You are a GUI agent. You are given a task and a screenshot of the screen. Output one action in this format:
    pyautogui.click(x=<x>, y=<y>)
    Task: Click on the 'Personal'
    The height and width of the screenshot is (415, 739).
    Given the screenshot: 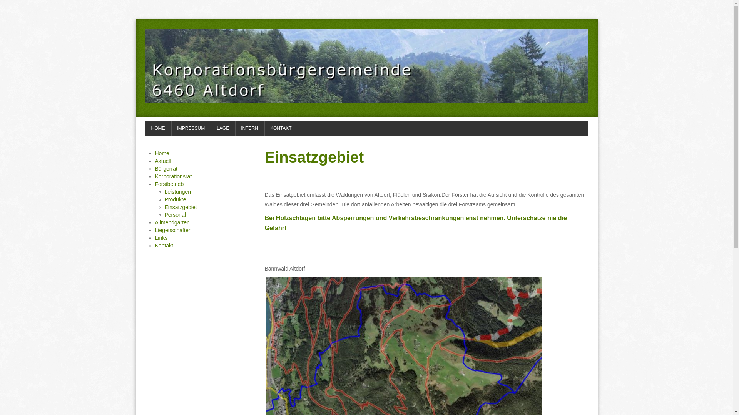 What is the action you would take?
    pyautogui.click(x=175, y=215)
    